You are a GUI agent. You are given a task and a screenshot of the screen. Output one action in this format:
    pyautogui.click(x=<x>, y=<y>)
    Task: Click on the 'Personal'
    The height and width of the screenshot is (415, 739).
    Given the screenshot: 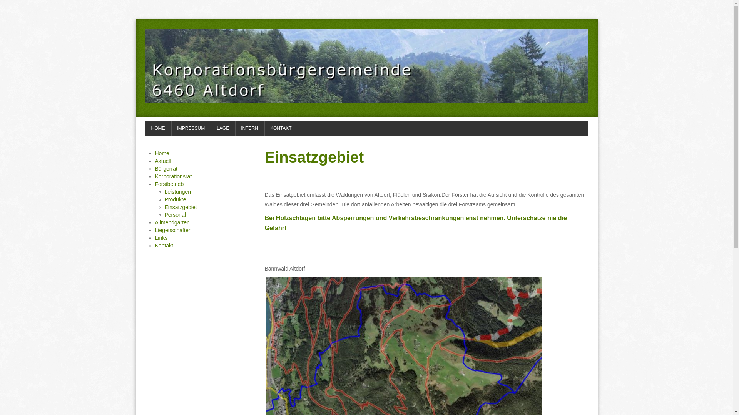 What is the action you would take?
    pyautogui.click(x=175, y=215)
    